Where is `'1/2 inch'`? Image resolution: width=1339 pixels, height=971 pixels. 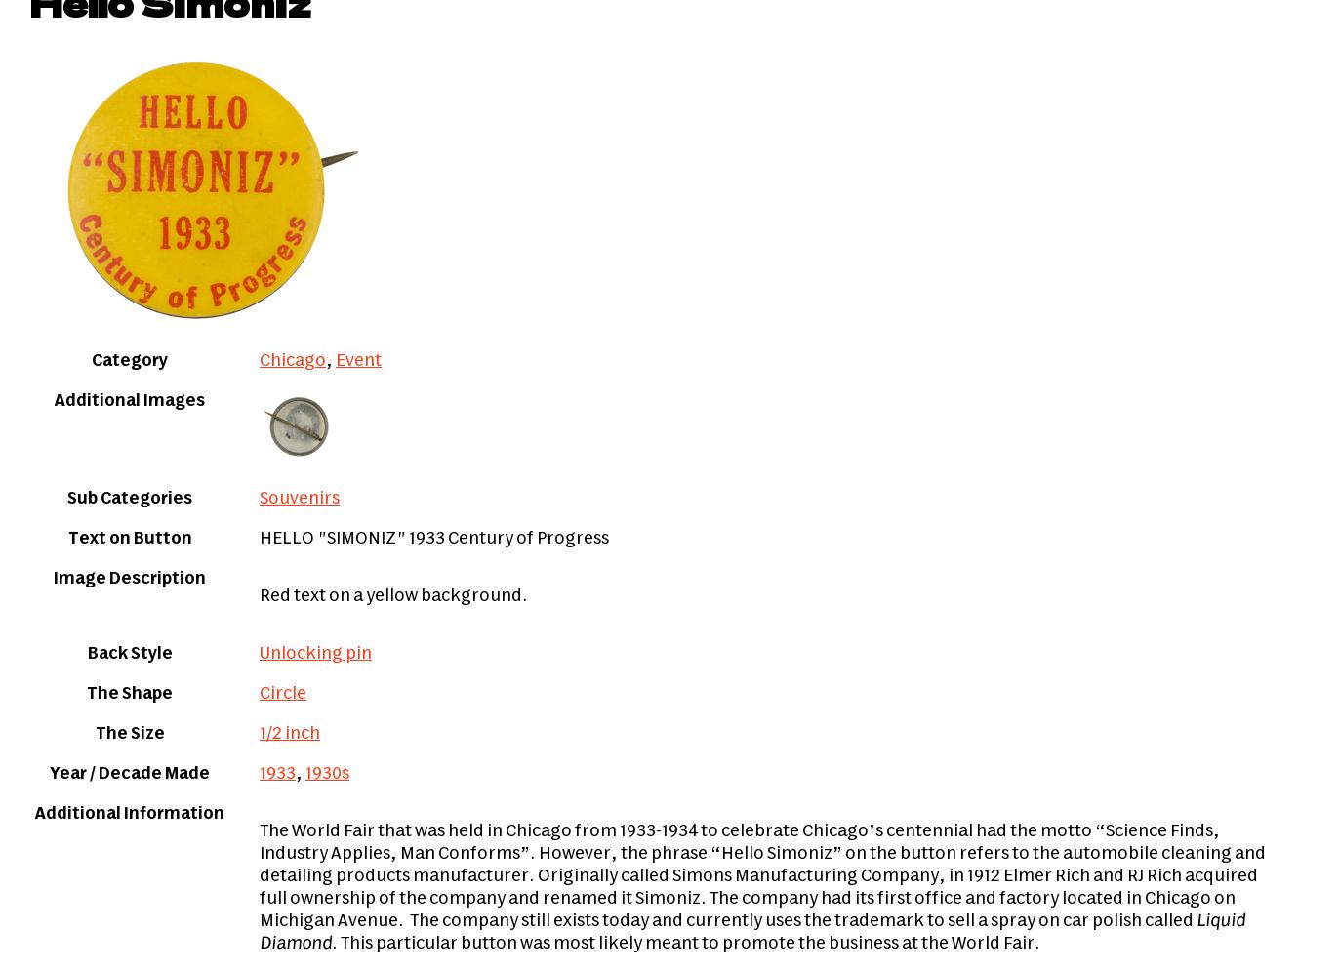
'1/2 inch' is located at coordinates (290, 733).